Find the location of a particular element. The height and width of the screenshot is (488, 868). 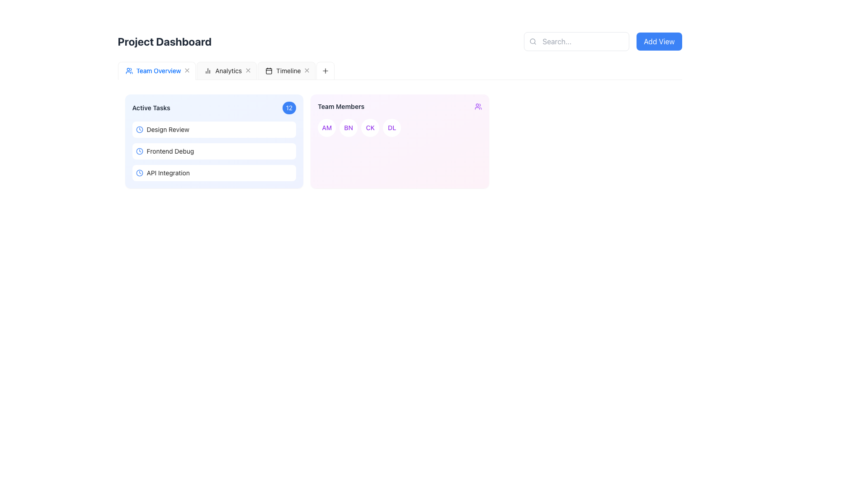

the small circular button with the purple text 'CK' is located at coordinates (370, 127).